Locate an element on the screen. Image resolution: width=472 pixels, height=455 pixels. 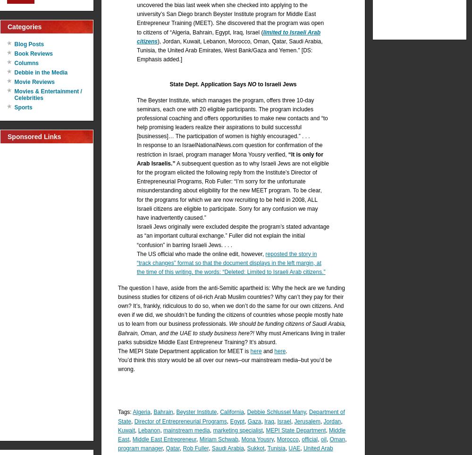
'Tags:' is located at coordinates (125, 412).